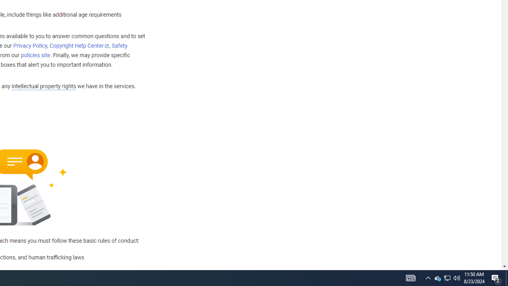 The height and width of the screenshot is (286, 508). What do you see at coordinates (43, 87) in the screenshot?
I see `'intellectual property rights'` at bounding box center [43, 87].